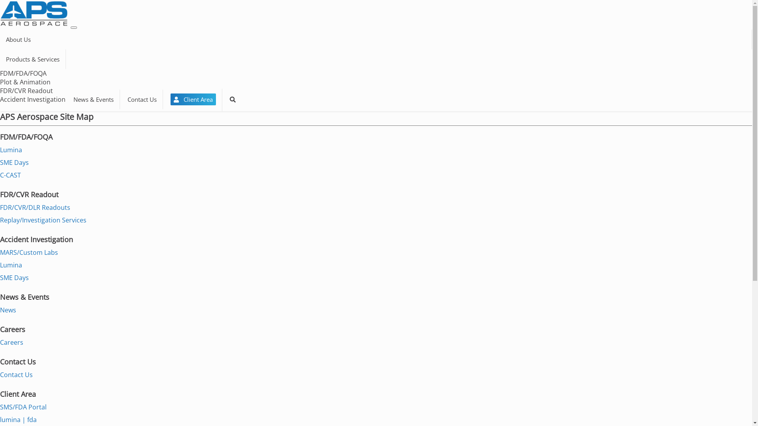 Image resolution: width=758 pixels, height=426 pixels. I want to click on 'News', so click(0, 310).